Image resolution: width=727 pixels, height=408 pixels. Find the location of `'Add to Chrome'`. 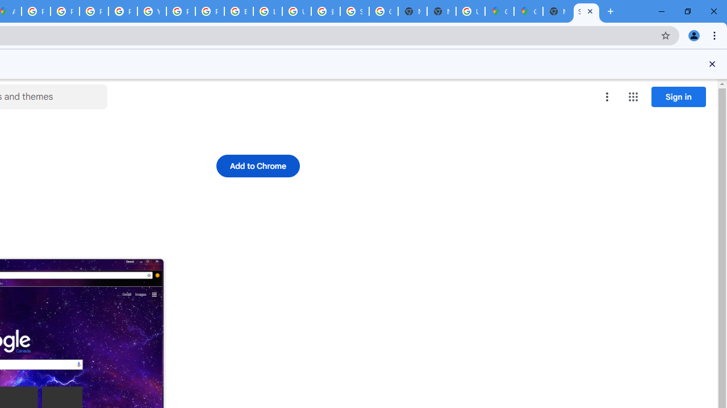

'Add to Chrome' is located at coordinates (257, 166).